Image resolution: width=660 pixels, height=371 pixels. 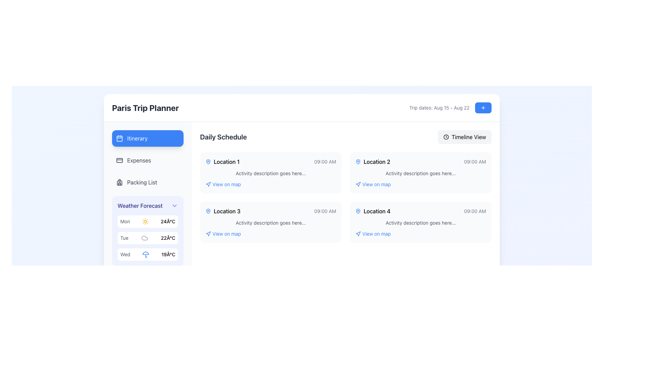 I want to click on the blue location marker icon that is adjacent to the text 'View on map' under 'Location 2' in the schedule interface, so click(x=357, y=184).